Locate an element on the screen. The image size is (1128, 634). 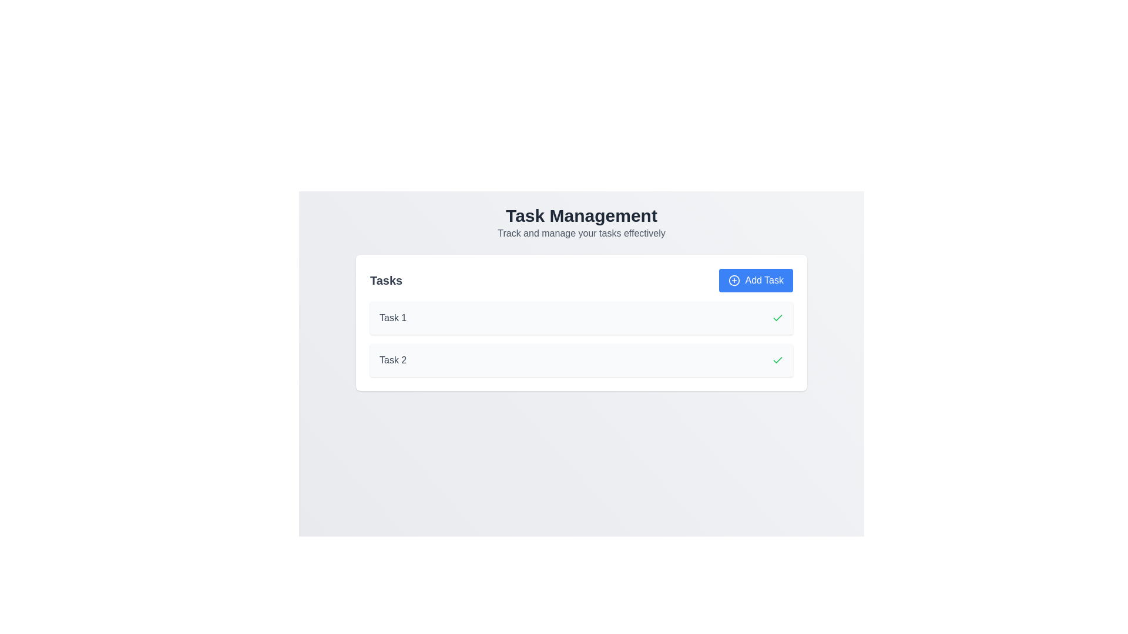
details about the task card labeled 'Task 1', which is the first component in the 'Tasks' section, by clicking on it is located at coordinates (581, 318).